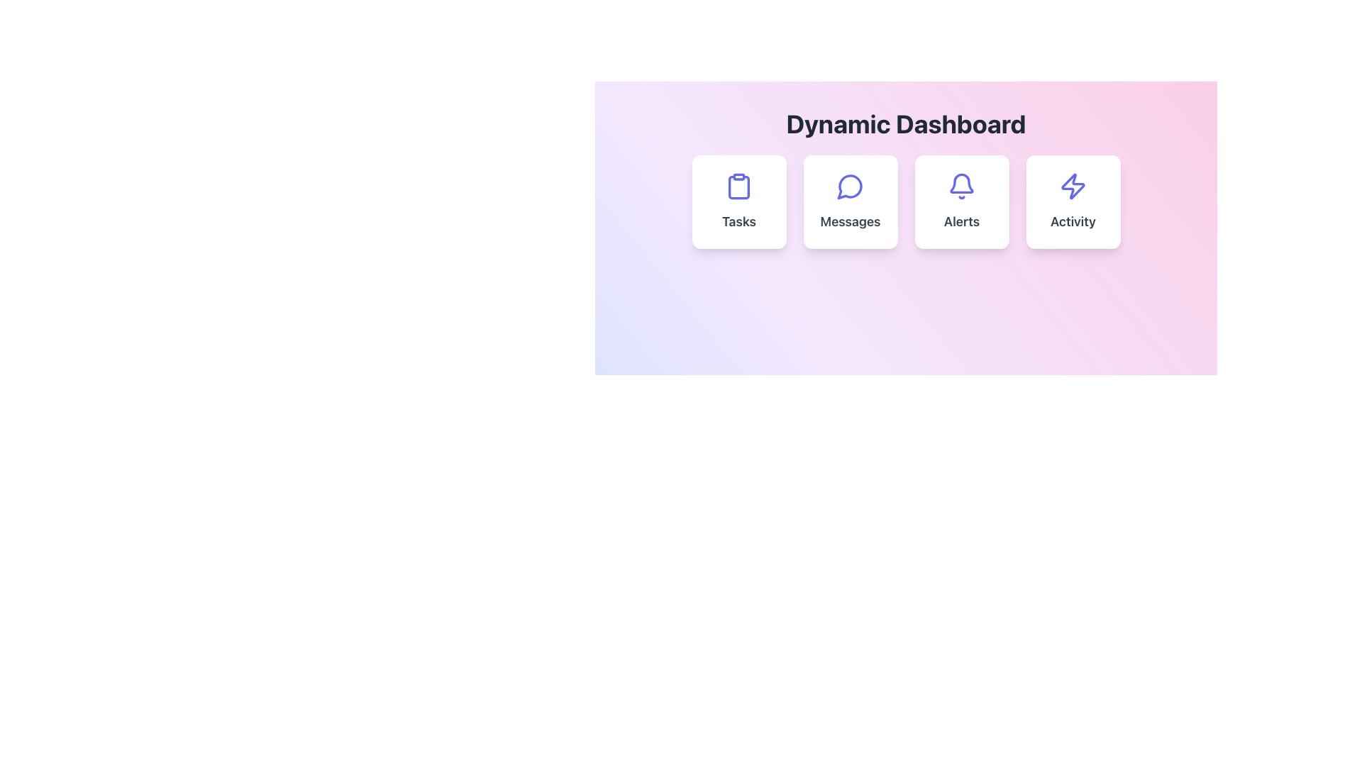 Image resolution: width=1362 pixels, height=766 pixels. I want to click on the messaging icon, which is the second element from the left in a group of four, located beneath the text 'Messages', so click(850, 186).